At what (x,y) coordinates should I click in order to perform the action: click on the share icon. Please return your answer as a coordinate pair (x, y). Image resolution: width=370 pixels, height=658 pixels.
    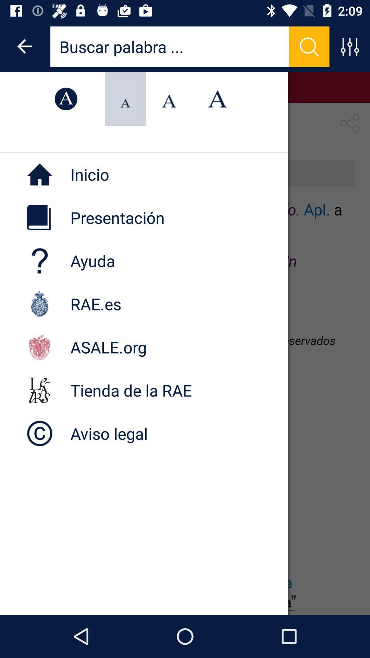
    Looking at the image, I should click on (349, 123).